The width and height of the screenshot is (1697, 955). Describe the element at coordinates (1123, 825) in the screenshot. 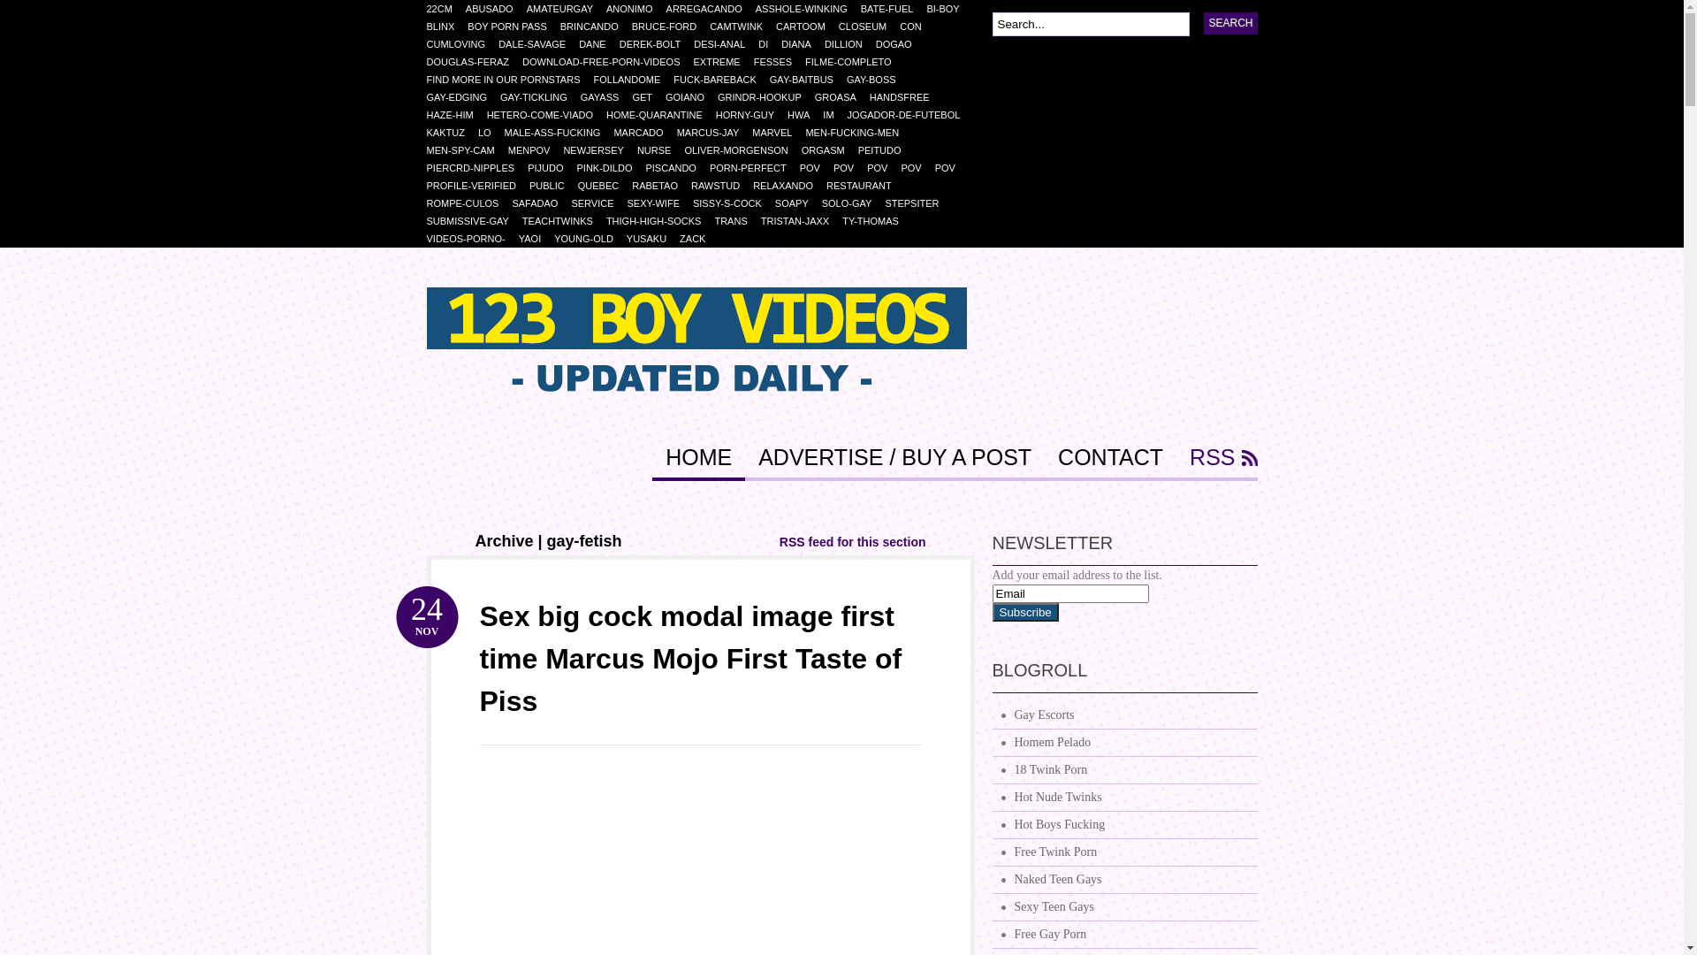

I see `'Hot Boys Fucking'` at that location.